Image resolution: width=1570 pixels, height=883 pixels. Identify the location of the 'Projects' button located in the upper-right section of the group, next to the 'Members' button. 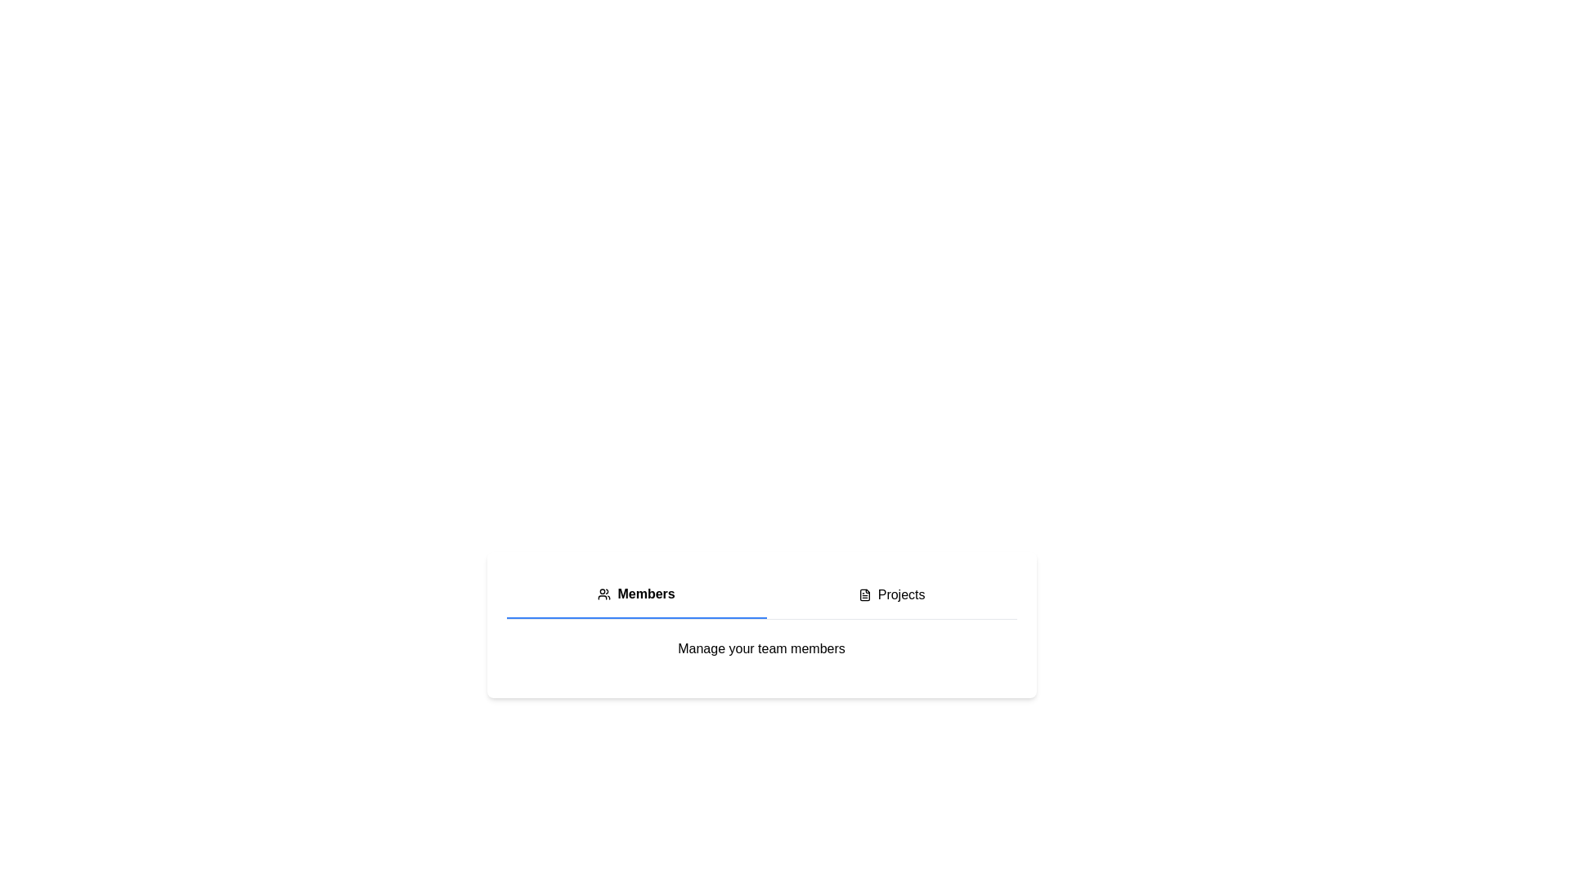
(890, 595).